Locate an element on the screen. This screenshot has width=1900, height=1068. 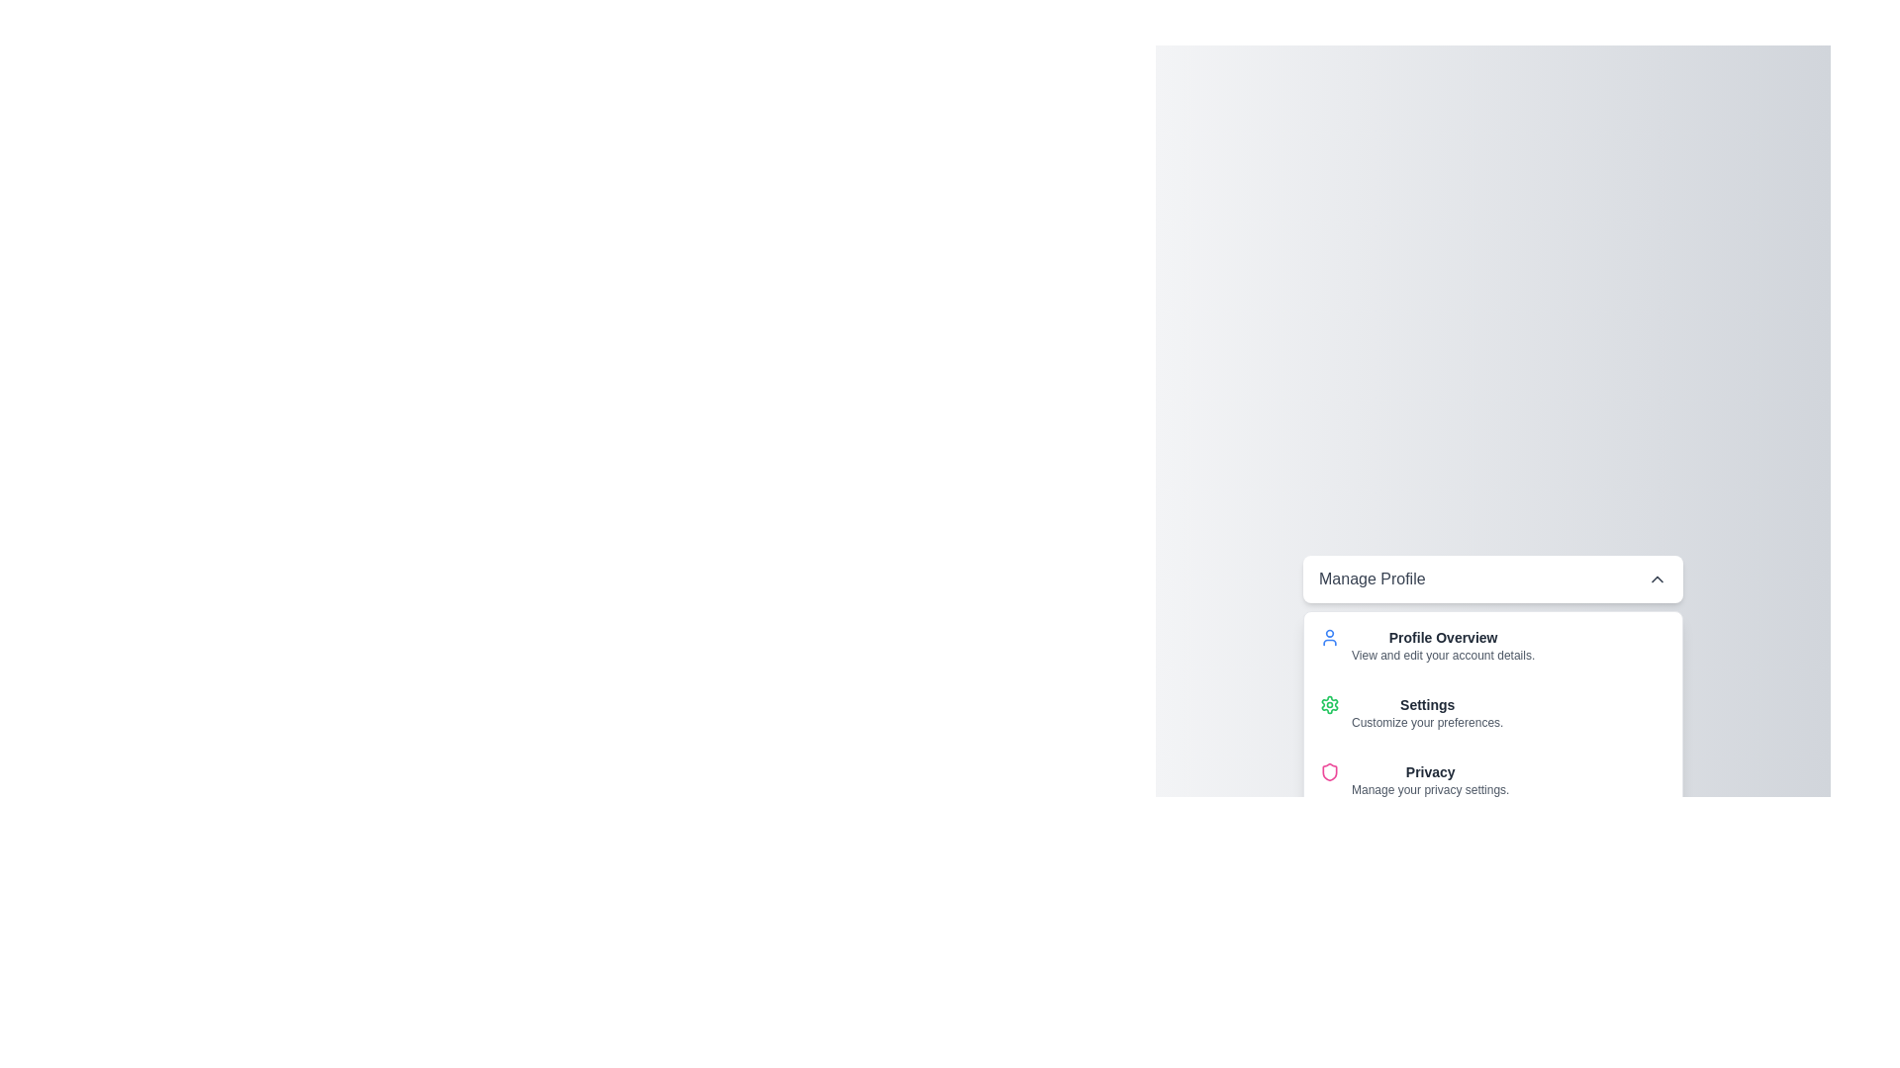
the shield icon representing the 'Privacy' feature located directly to the left of the 'Privacy' text in the 'Manage Profile' dropdown is located at coordinates (1330, 770).